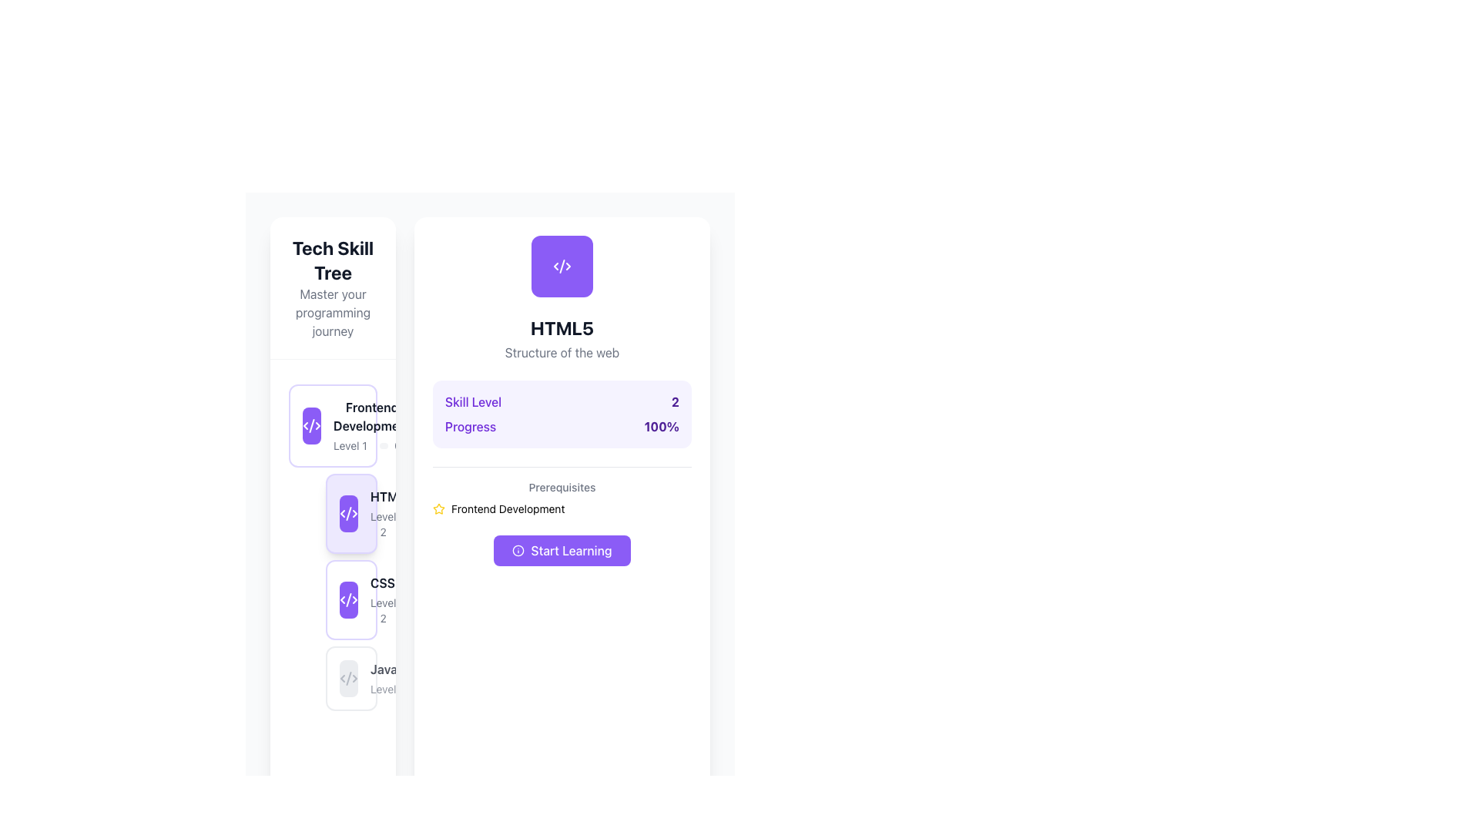 The image size is (1479, 832). What do you see at coordinates (372, 416) in the screenshot?
I see `the text label that serves as the title of a skill in the user's Tech Skill Tree, located inside the first skill card from the top` at bounding box center [372, 416].